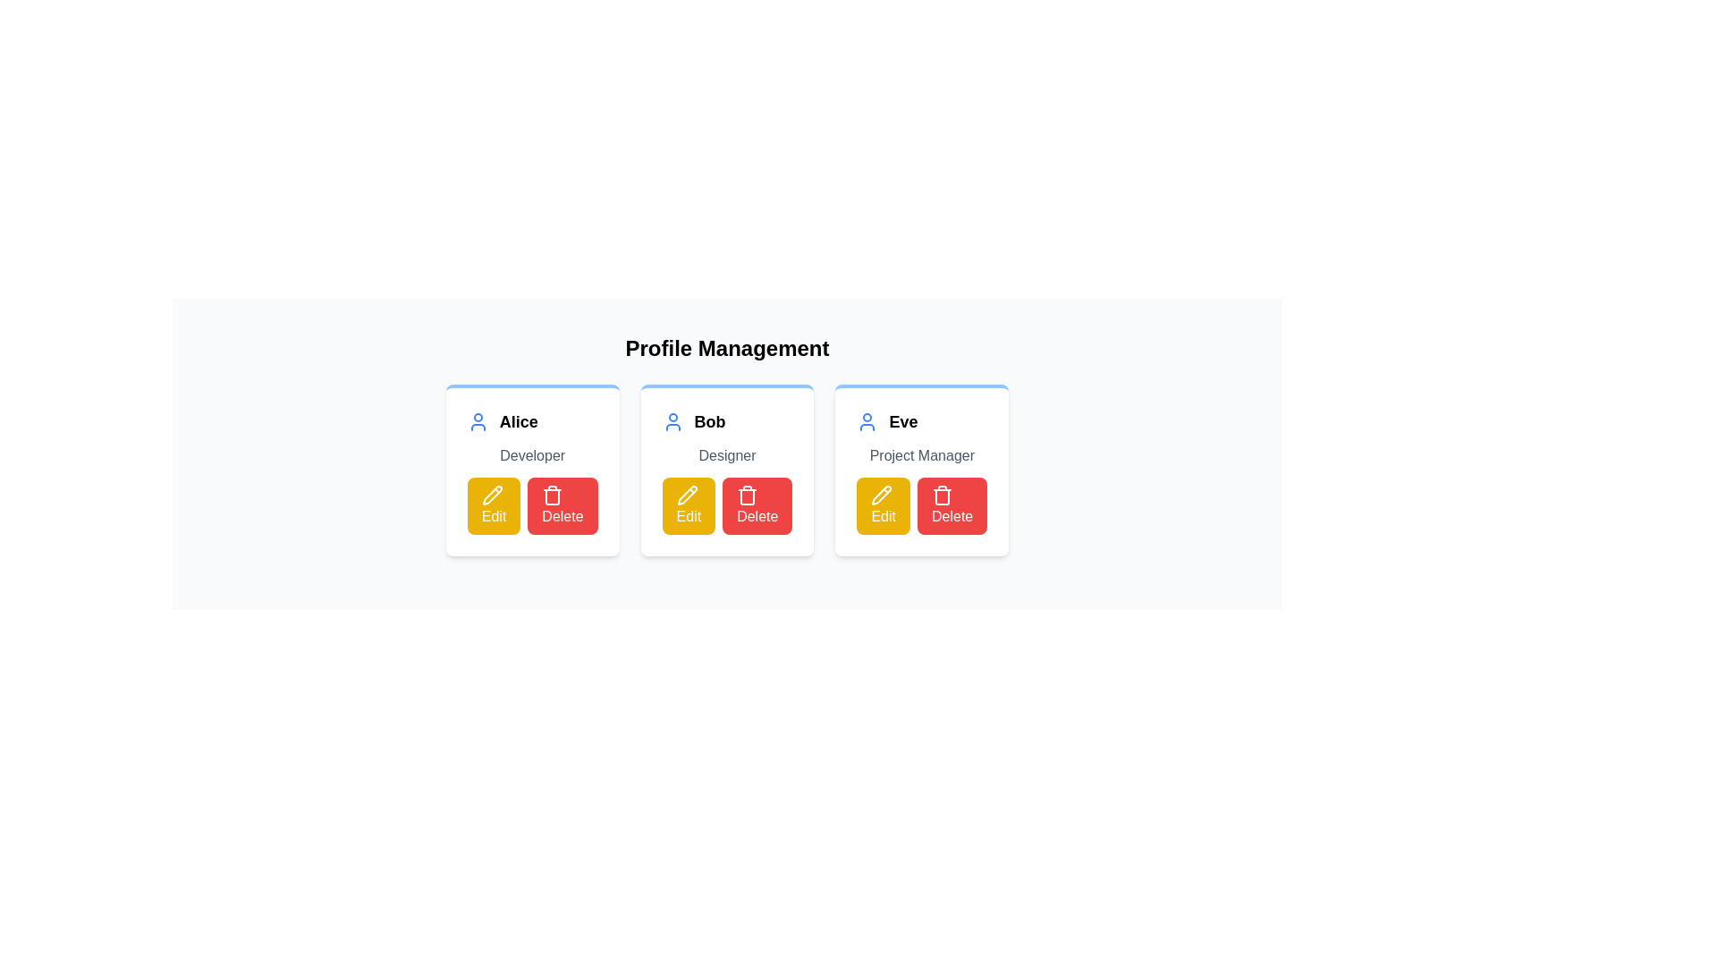  What do you see at coordinates (867, 421) in the screenshot?
I see `the user profile icon, which is a blue rounded shape located to the left of the text 'Eve', representing a person's account` at bounding box center [867, 421].